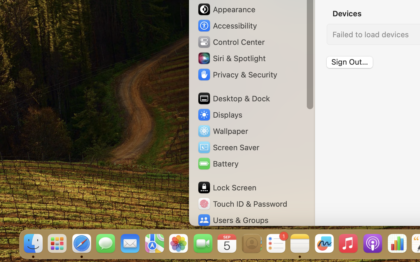  What do you see at coordinates (218, 163) in the screenshot?
I see `'Battery'` at bounding box center [218, 163].